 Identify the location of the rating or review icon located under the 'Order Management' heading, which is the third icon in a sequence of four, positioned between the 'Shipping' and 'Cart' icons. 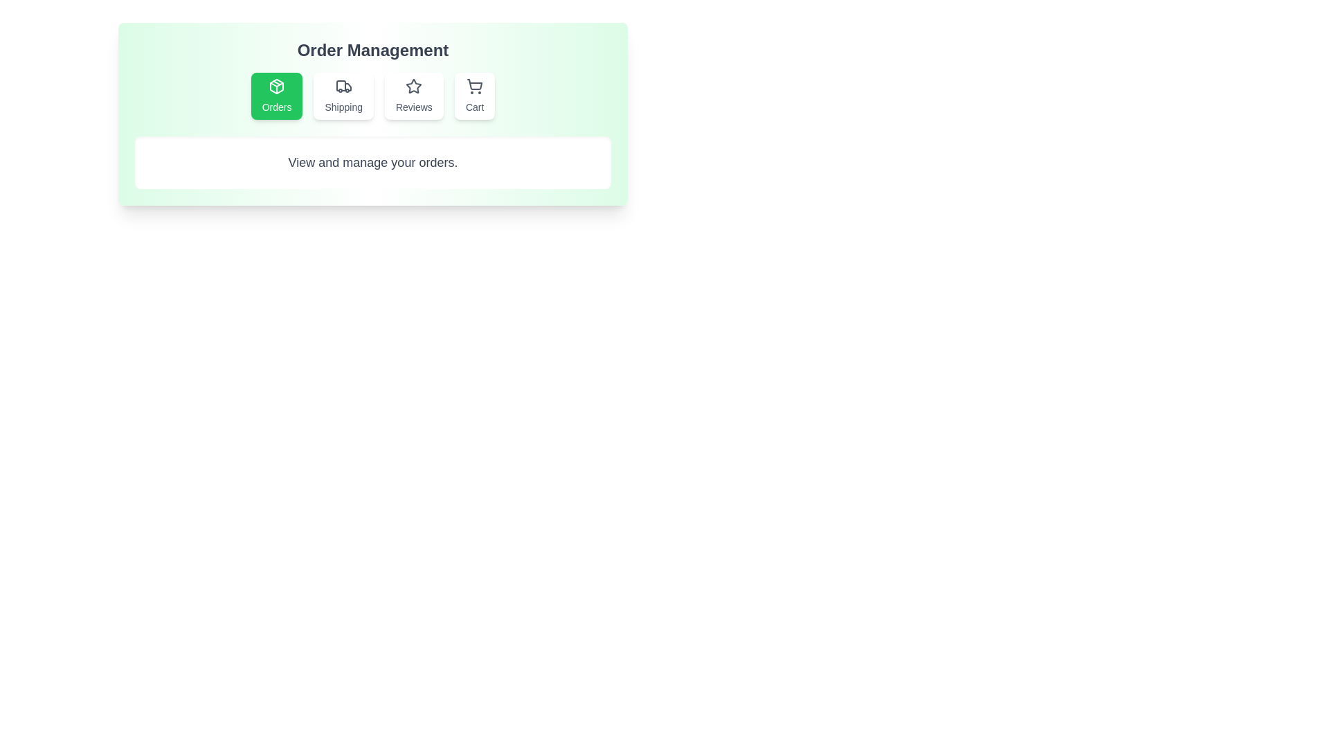
(413, 86).